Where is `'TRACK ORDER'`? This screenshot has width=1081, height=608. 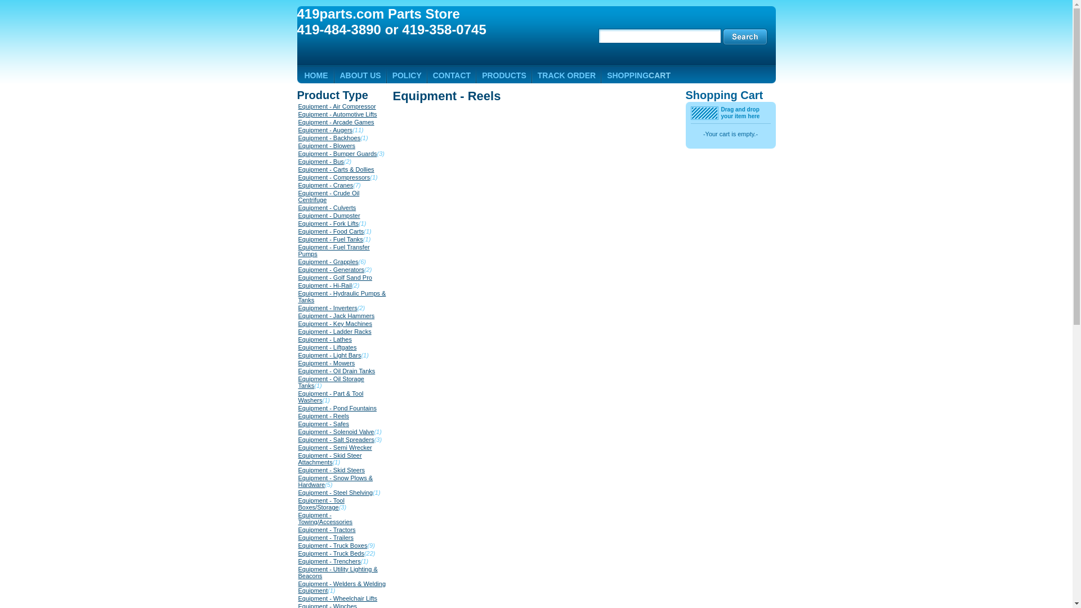
'TRACK ORDER' is located at coordinates (566, 75).